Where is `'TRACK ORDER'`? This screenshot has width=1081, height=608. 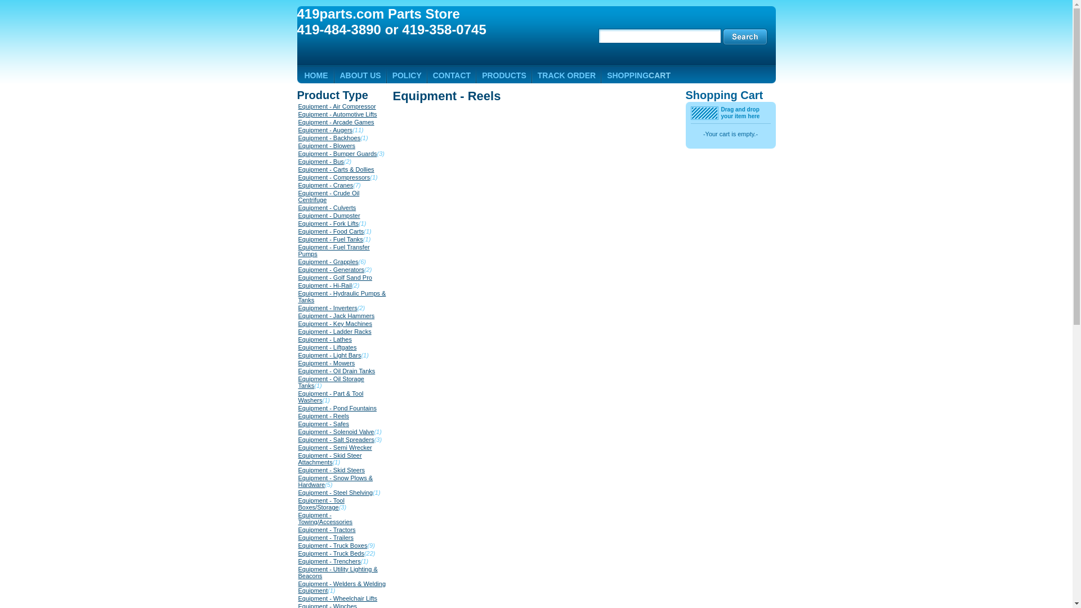
'TRACK ORDER' is located at coordinates (566, 75).